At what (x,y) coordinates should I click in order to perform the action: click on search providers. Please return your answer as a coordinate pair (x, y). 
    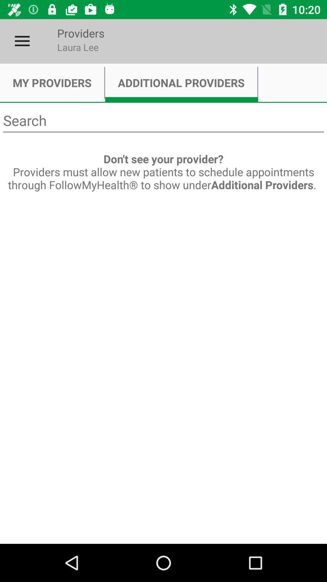
    Looking at the image, I should click on (163, 121).